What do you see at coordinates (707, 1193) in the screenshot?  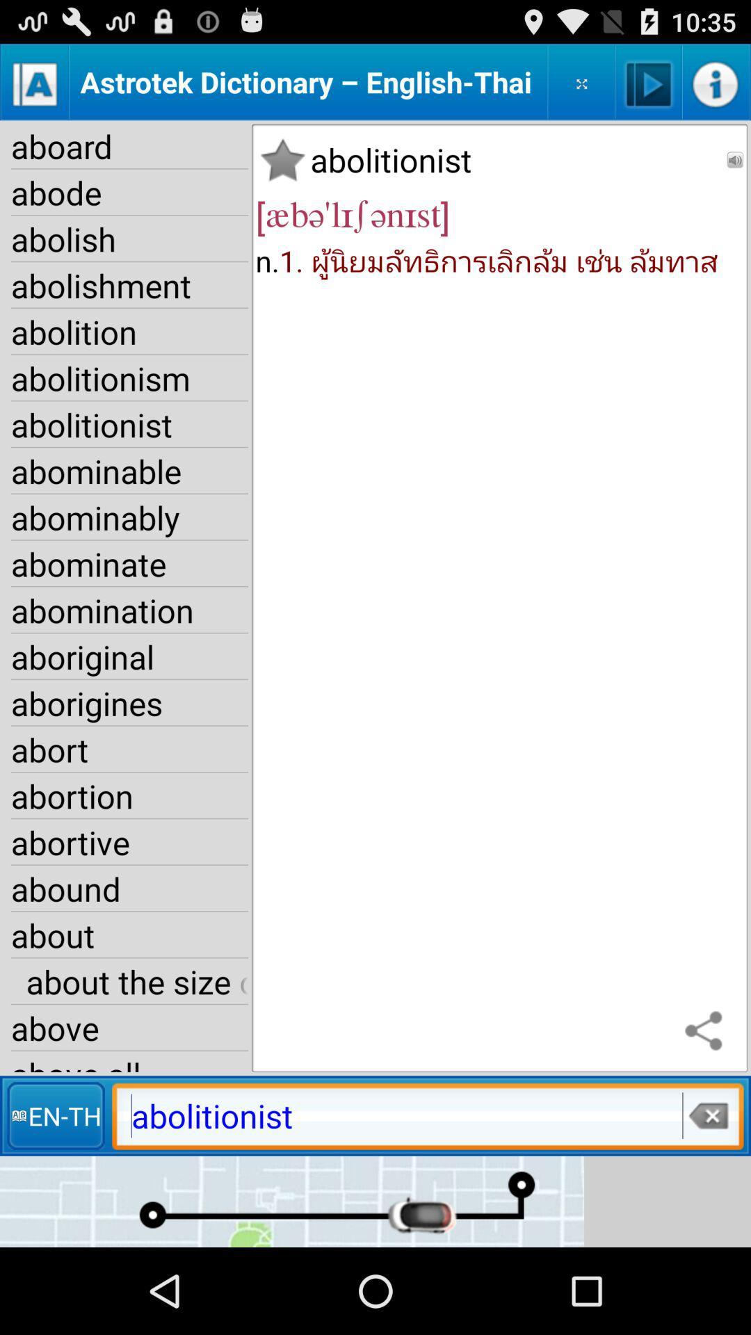 I see `the close icon` at bounding box center [707, 1193].